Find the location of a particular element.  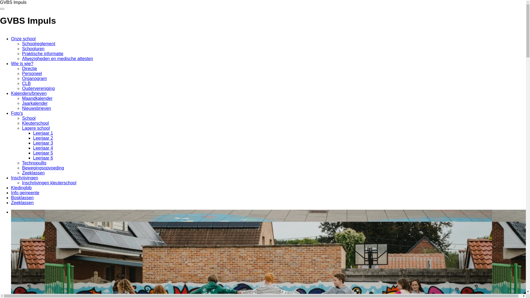

'Leerjaar 6' is located at coordinates (43, 158).